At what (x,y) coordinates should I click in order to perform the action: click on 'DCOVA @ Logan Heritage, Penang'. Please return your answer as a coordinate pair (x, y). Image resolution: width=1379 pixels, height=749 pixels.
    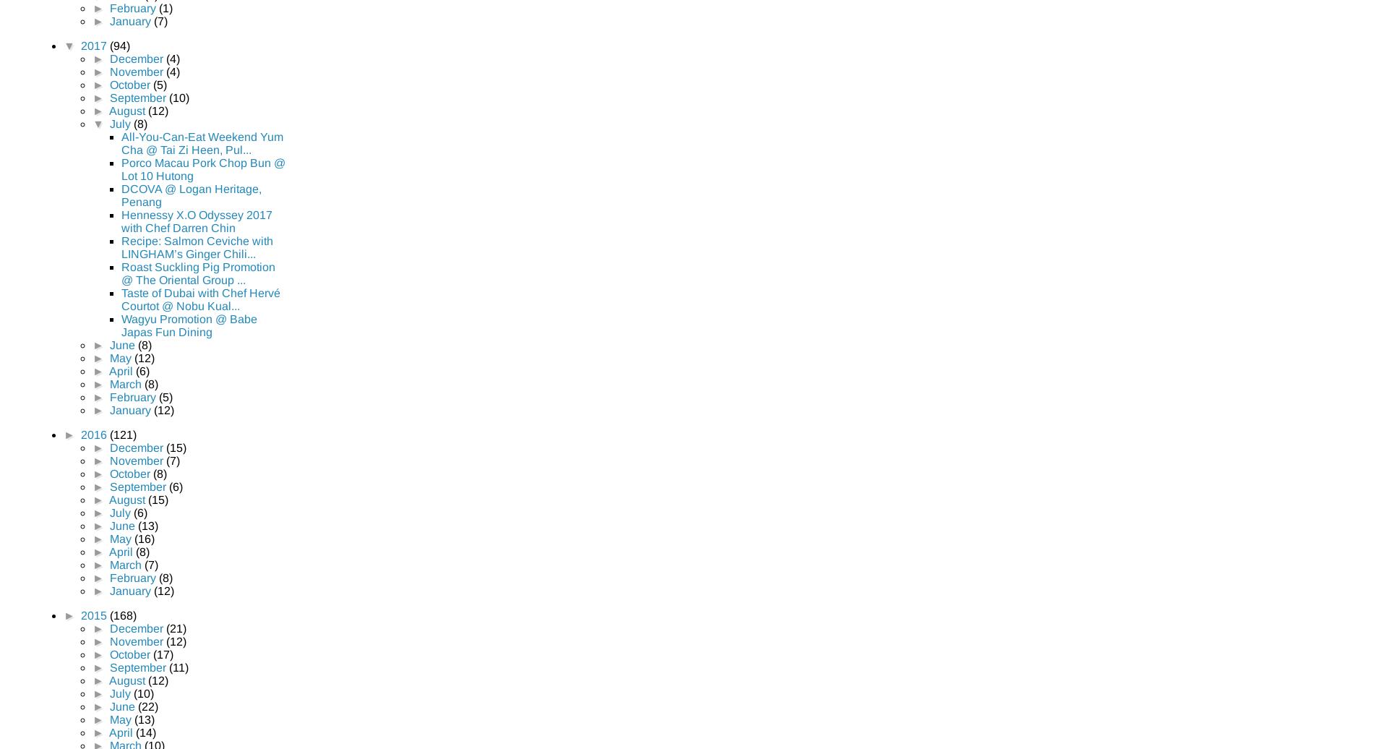
    Looking at the image, I should click on (192, 194).